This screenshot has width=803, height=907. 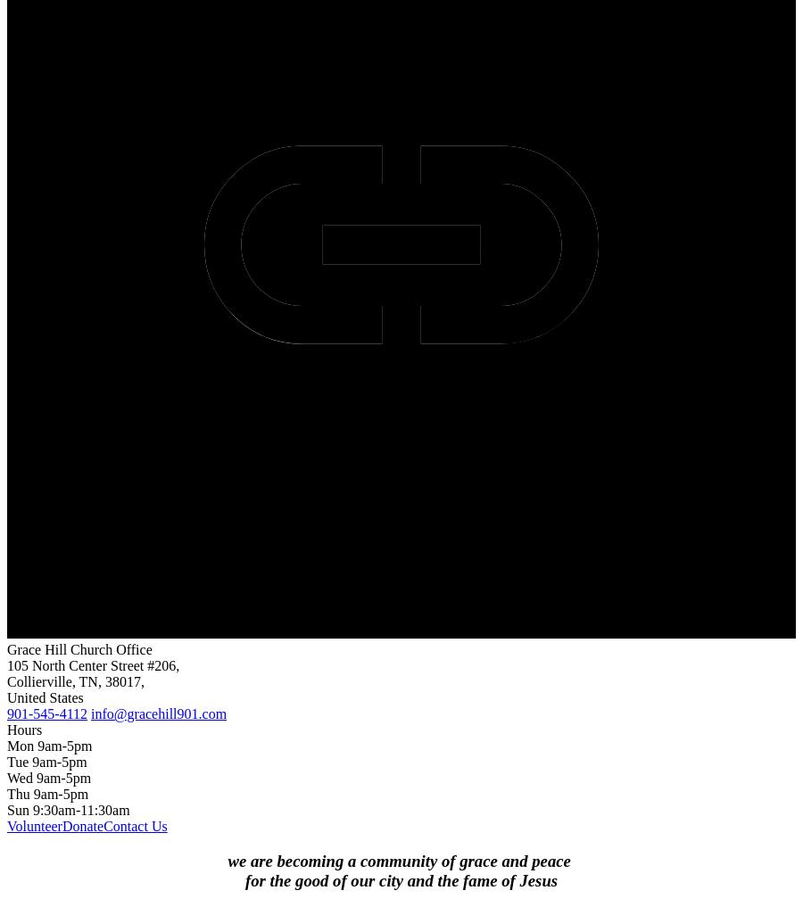 I want to click on 'Contact Us', so click(x=135, y=825).